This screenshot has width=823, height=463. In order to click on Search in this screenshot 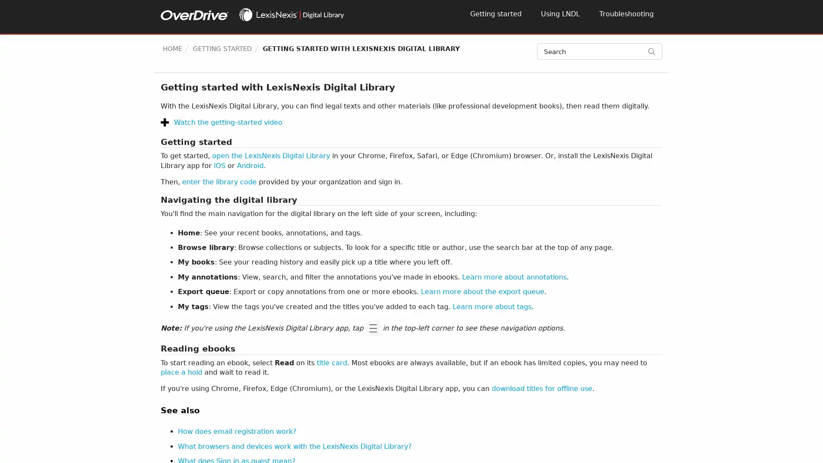, I will do `click(655, 51)`.